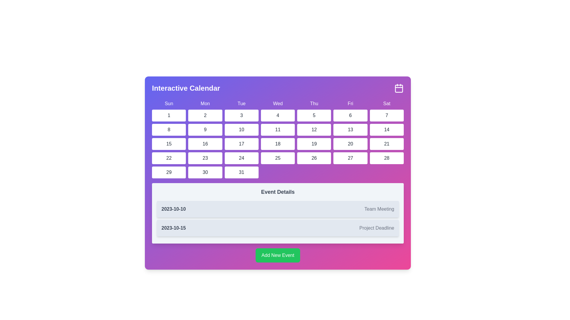 The image size is (570, 320). What do you see at coordinates (169, 103) in the screenshot?
I see `the header label for the Sunday column in the calendar, which is the first item in the horizontal row of weekday labels at the top-left corner` at bounding box center [169, 103].